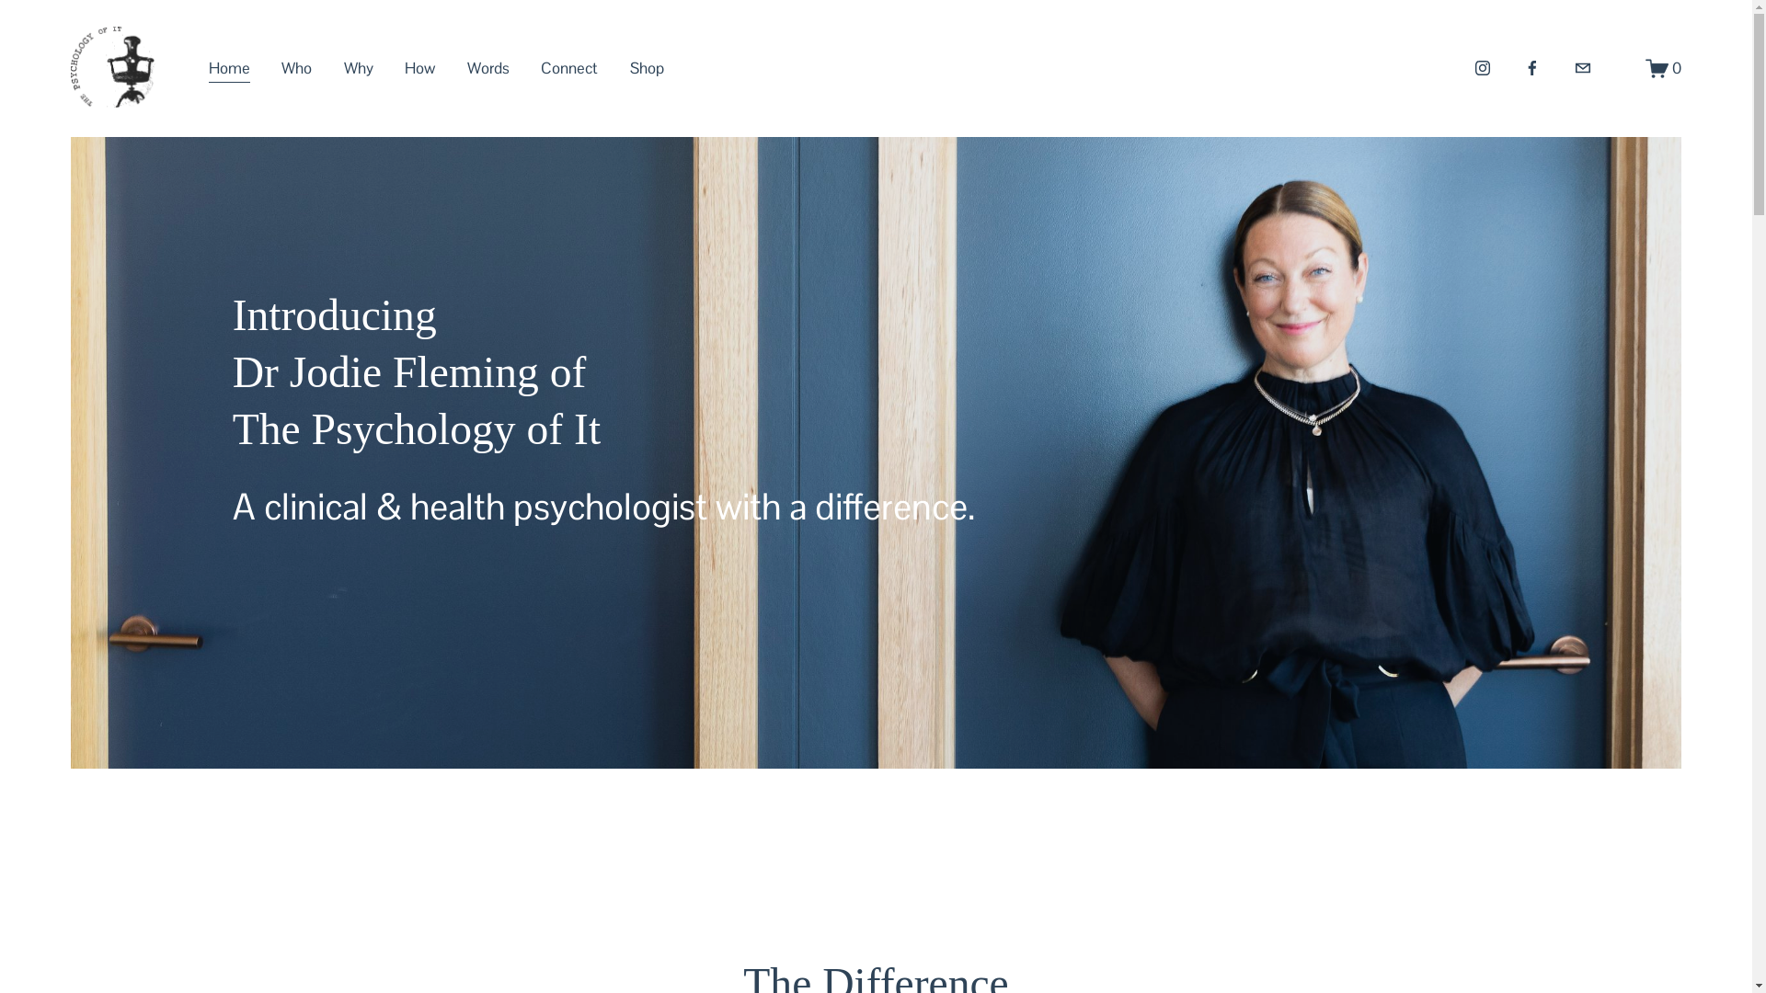 The image size is (1766, 993). Describe the element at coordinates (404, 66) in the screenshot. I see `'How'` at that location.